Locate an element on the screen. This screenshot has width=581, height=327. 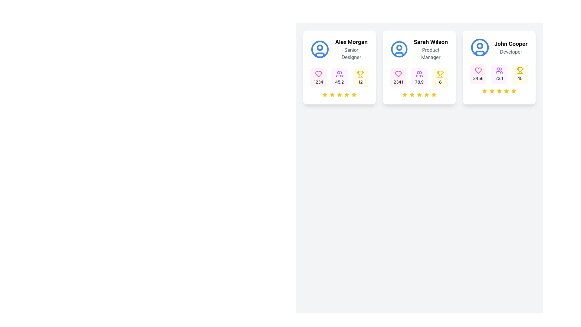
the 5th gold star-shaped icon indicating a rating for 'John Cooper' is located at coordinates (507, 91).